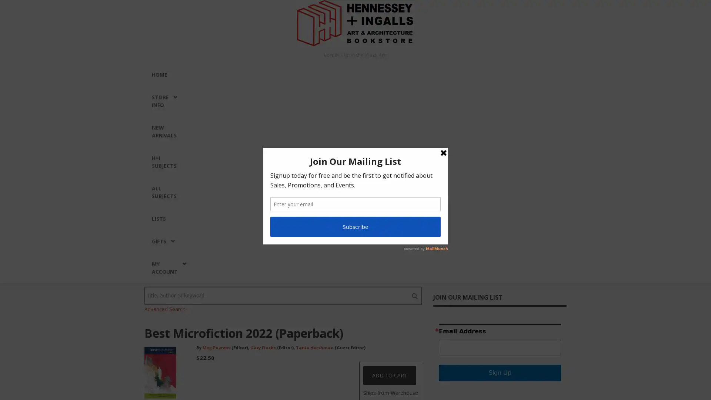 Image resolution: width=711 pixels, height=400 pixels. Describe the element at coordinates (389, 376) in the screenshot. I see `Add to Cart` at that location.